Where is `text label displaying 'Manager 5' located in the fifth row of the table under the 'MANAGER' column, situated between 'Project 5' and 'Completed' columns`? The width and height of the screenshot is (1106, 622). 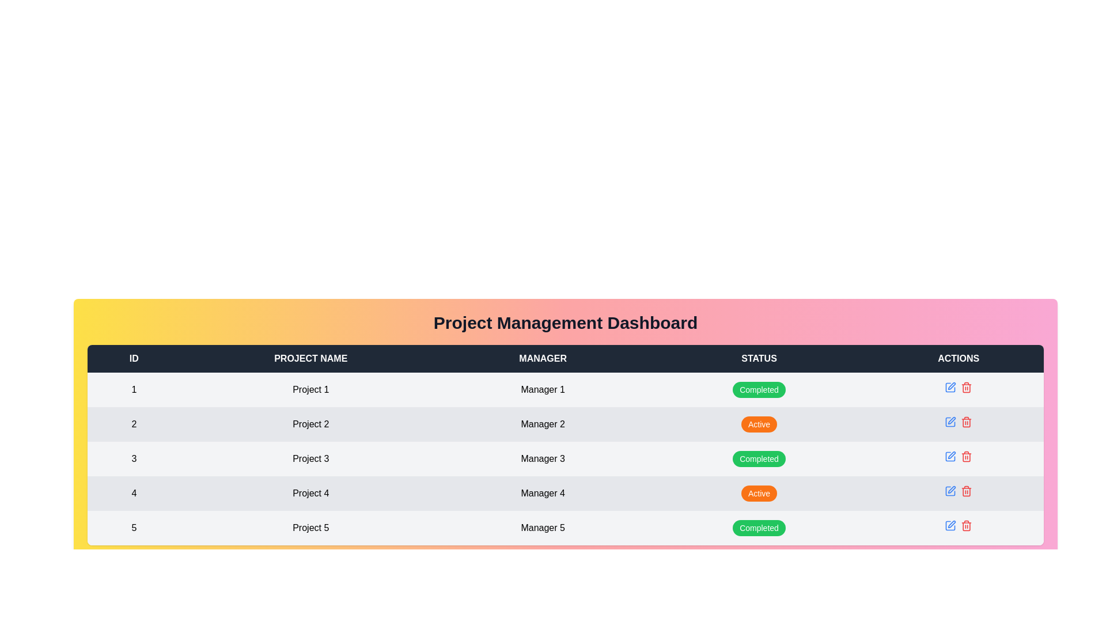
text label displaying 'Manager 5' located in the fifth row of the table under the 'MANAGER' column, situated between 'Project 5' and 'Completed' columns is located at coordinates (542, 528).